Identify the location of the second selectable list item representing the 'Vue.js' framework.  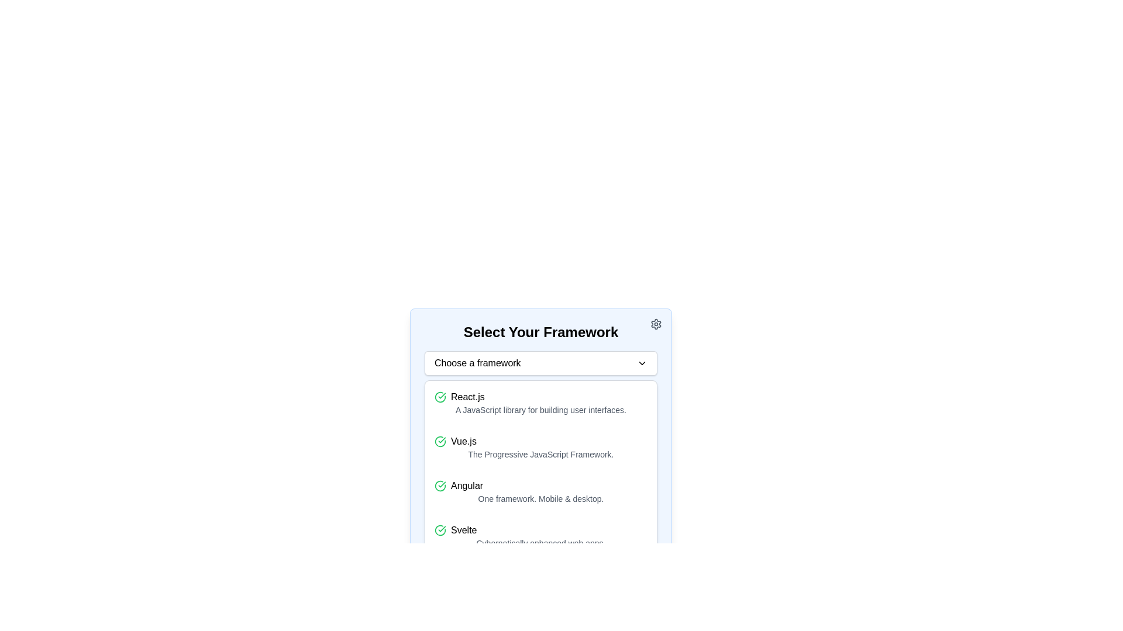
(540, 442).